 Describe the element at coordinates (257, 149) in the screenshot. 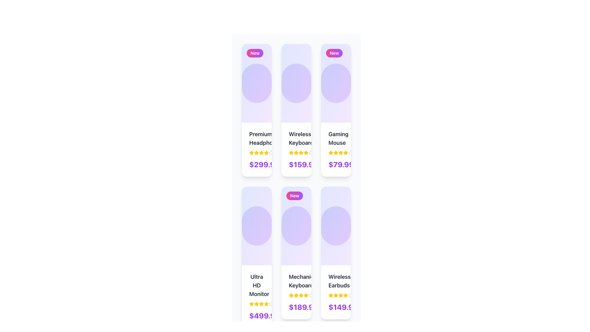

I see `the first star in the rating indicator of the 'Premium Headphones' product card` at that location.